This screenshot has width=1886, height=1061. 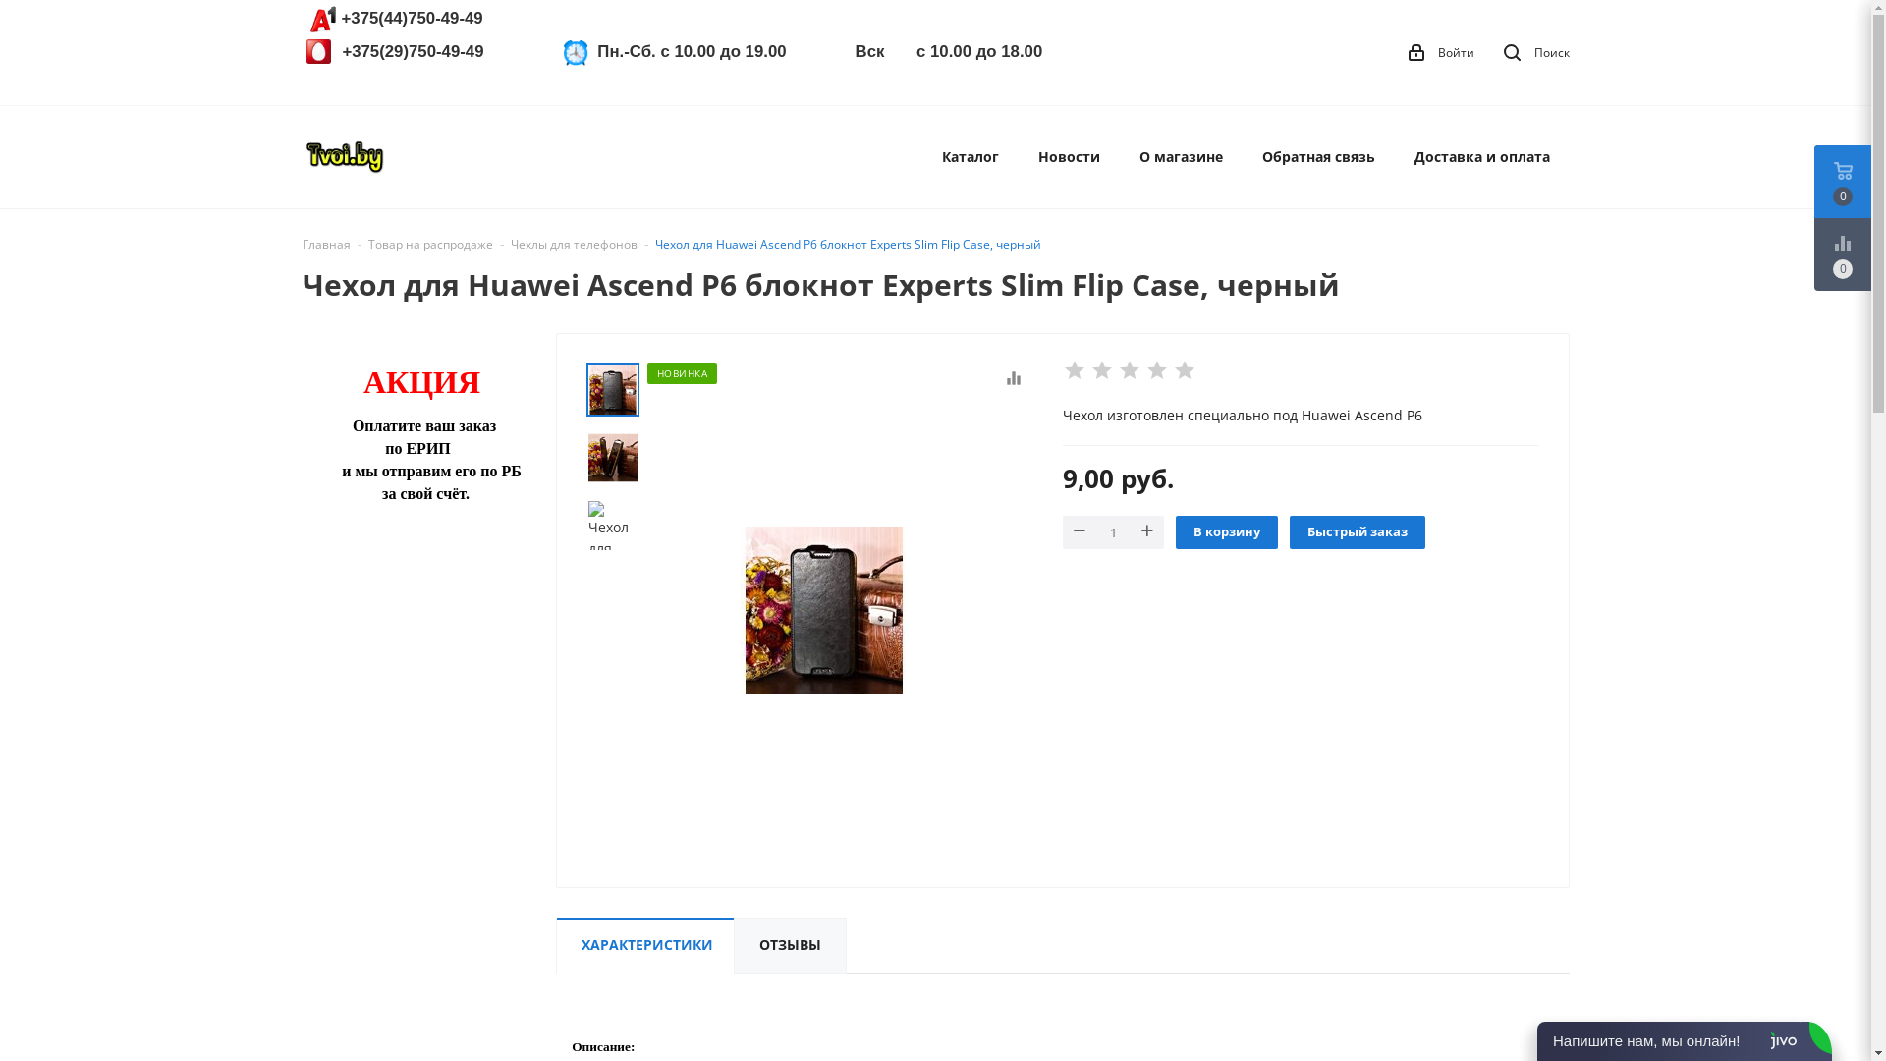 What do you see at coordinates (345, 155) in the screenshot?
I see `'Tvoi.by'` at bounding box center [345, 155].